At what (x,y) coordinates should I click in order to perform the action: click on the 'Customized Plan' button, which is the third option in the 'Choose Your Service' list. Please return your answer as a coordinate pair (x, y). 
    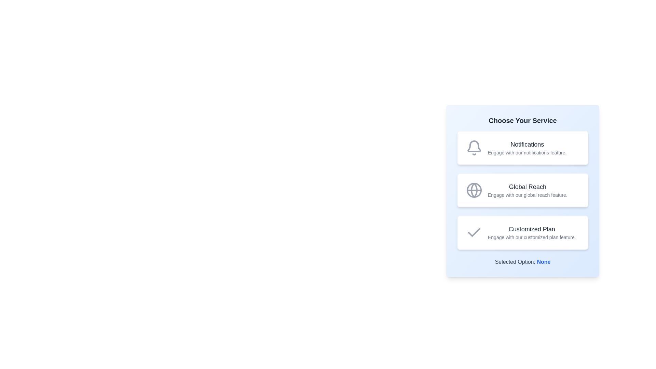
    Looking at the image, I should click on (522, 232).